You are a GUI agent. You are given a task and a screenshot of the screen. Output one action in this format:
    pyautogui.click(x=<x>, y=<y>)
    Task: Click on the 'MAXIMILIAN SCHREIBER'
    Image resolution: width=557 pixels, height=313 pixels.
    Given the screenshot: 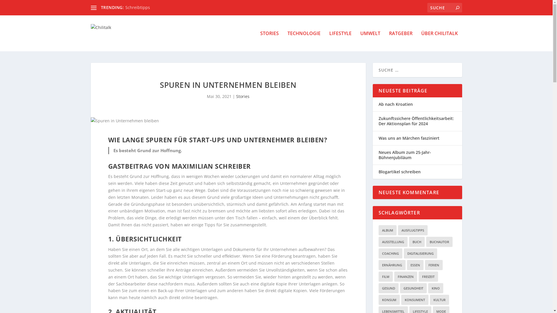 What is the action you would take?
    pyautogui.click(x=211, y=166)
    